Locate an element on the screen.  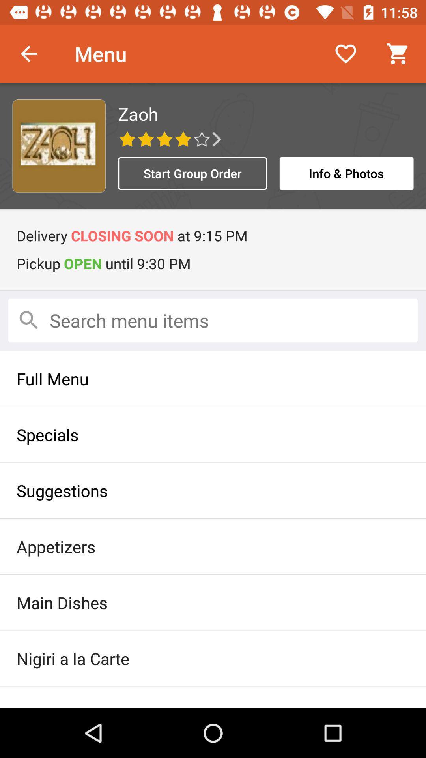
icon below suggestions is located at coordinates (213, 546).